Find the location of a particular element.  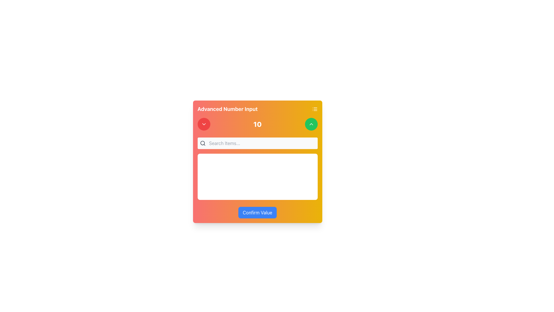

the submit button located at the bottom center of a colorful panel with a gradient background, which is directly below a large white text input field is located at coordinates (257, 213).